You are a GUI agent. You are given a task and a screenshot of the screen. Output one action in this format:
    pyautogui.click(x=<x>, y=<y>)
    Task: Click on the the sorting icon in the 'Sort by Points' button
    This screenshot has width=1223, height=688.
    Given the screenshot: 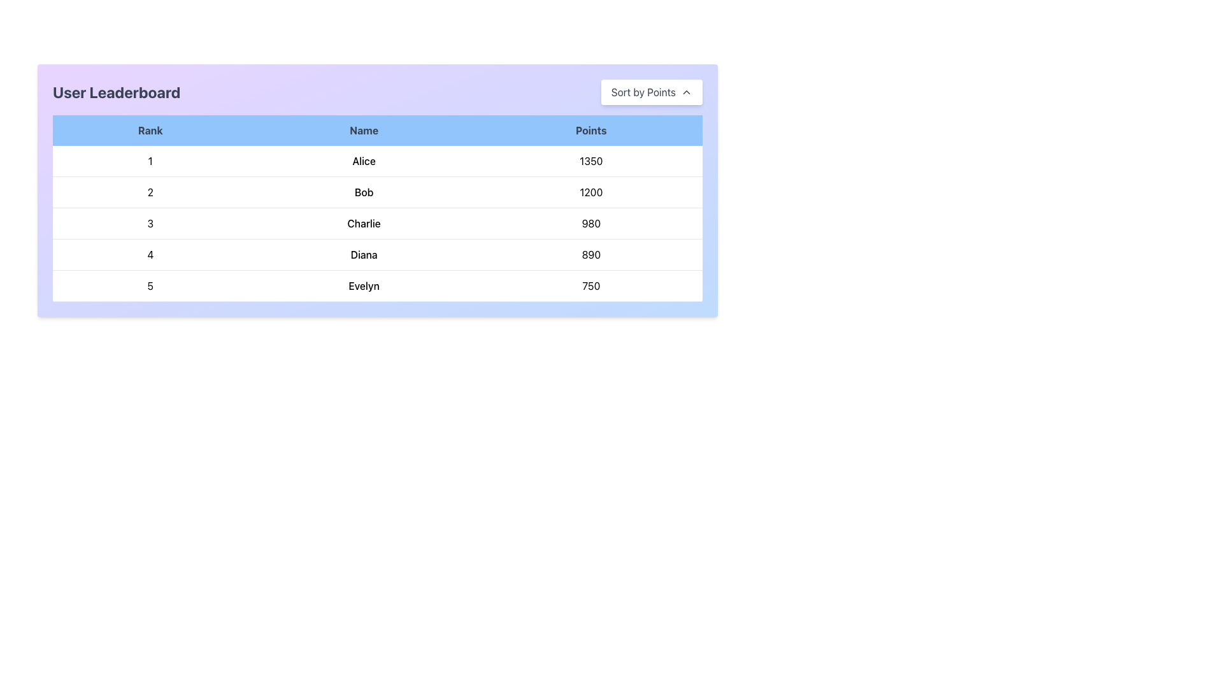 What is the action you would take?
    pyautogui.click(x=686, y=92)
    